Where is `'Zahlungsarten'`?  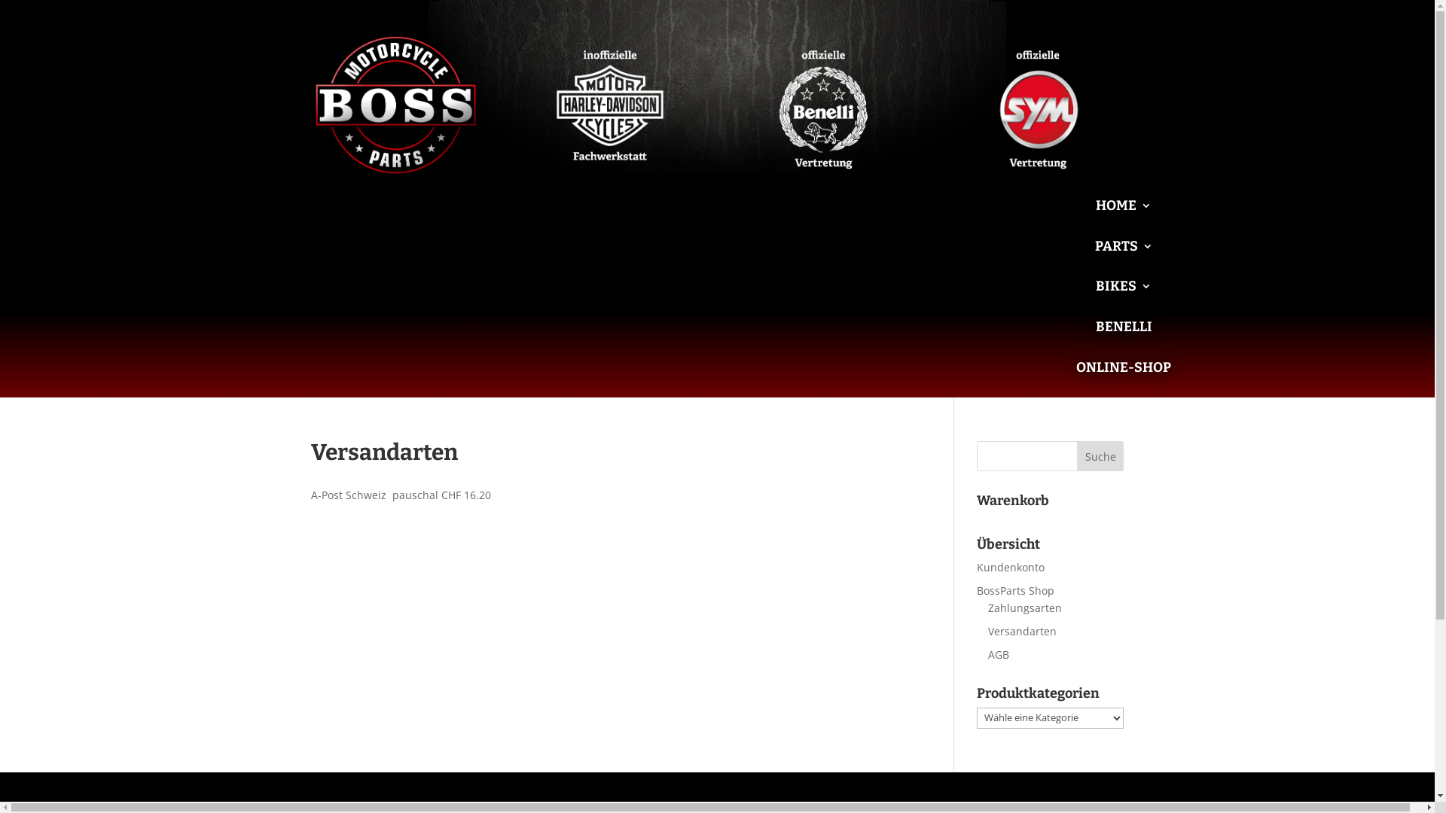
'Zahlungsarten' is located at coordinates (987, 607).